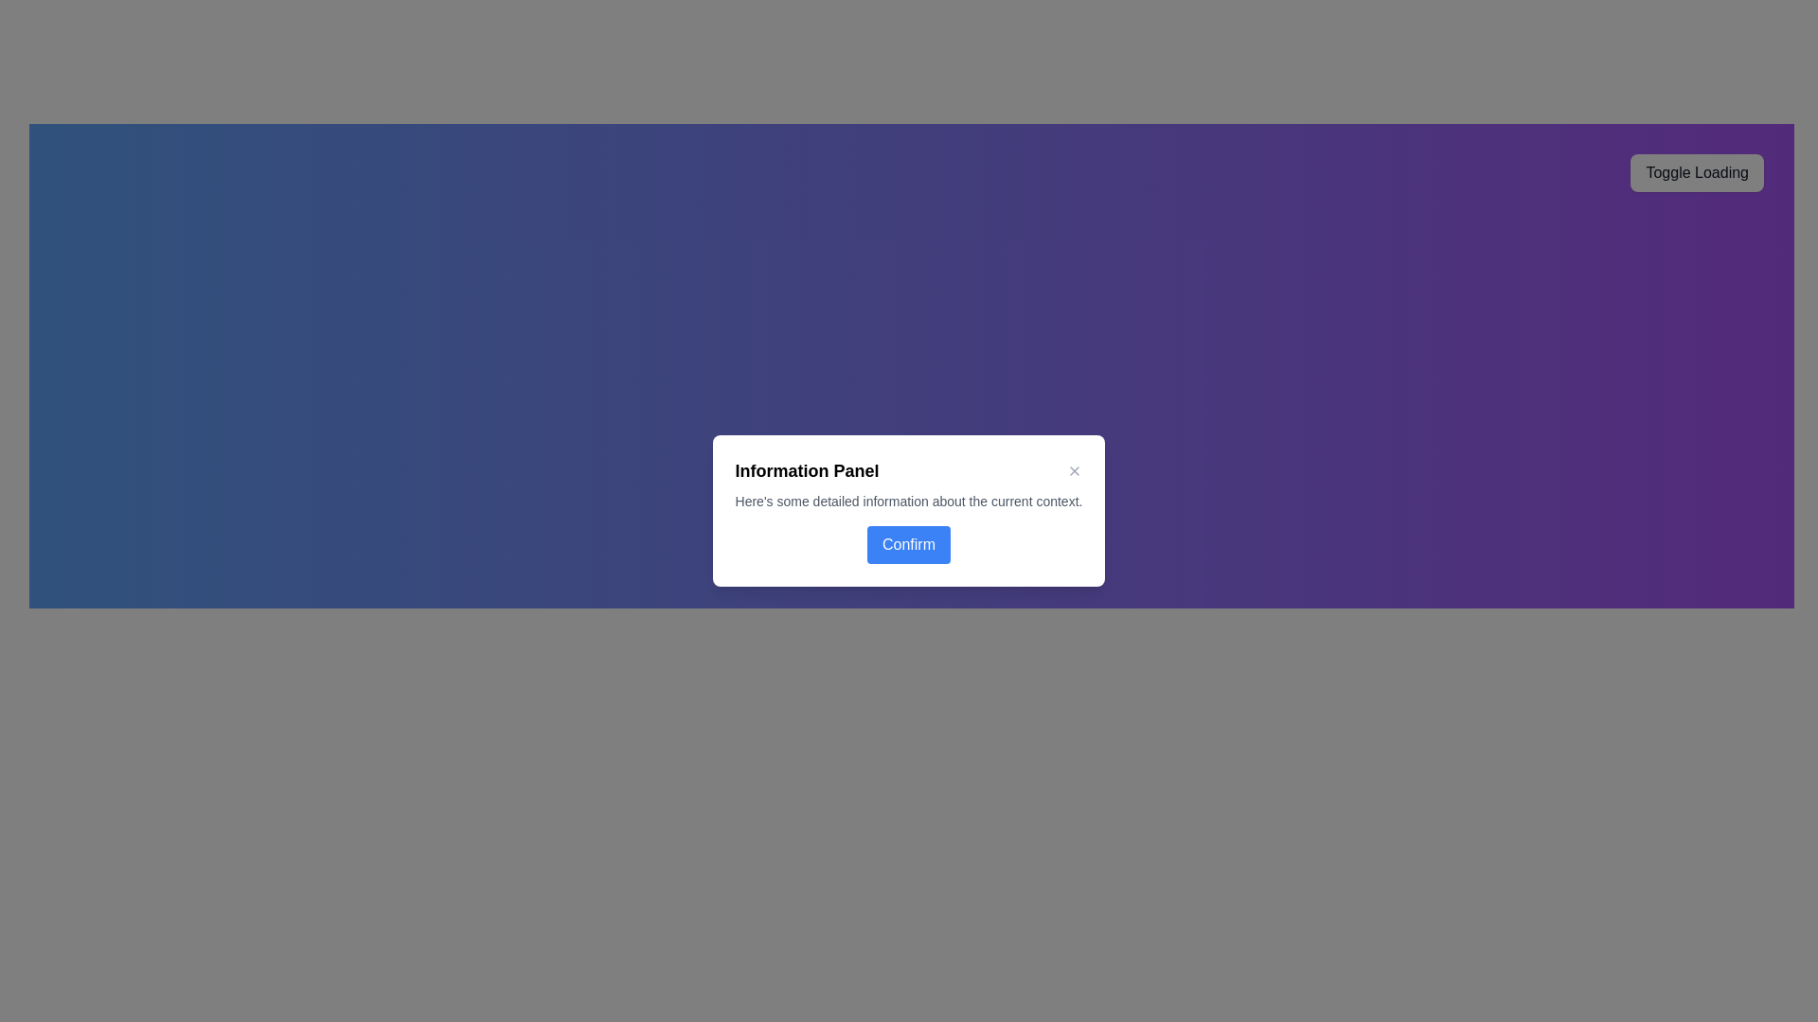 The width and height of the screenshot is (1818, 1022). I want to click on the confirmation button located directly below the information text in the dialog box, so click(909, 544).